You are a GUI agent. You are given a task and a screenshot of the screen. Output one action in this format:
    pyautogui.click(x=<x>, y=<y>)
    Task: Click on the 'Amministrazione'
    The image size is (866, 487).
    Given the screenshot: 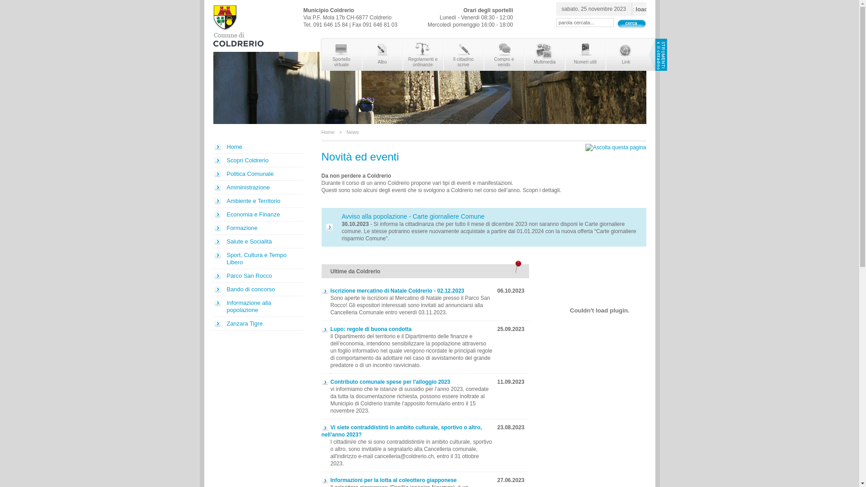 What is the action you would take?
    pyautogui.click(x=257, y=187)
    